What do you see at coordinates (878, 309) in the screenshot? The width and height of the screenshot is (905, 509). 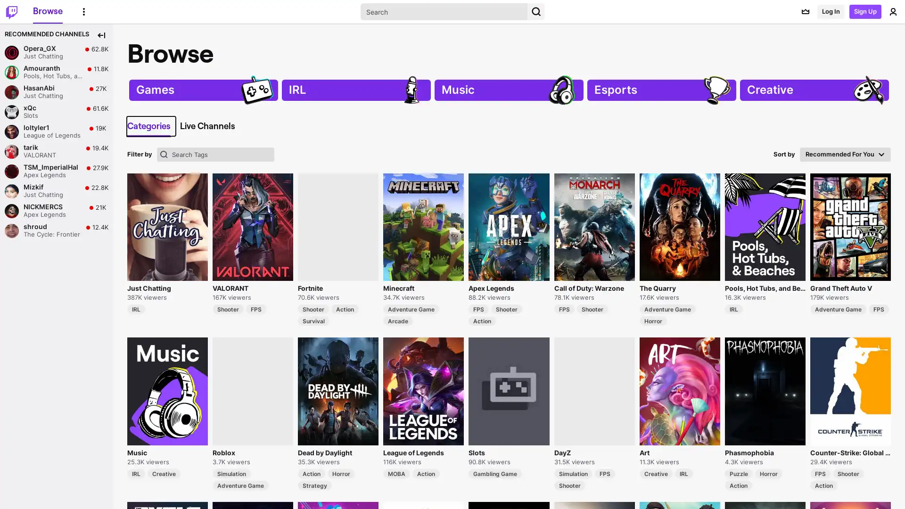 I see `FPS` at bounding box center [878, 309].